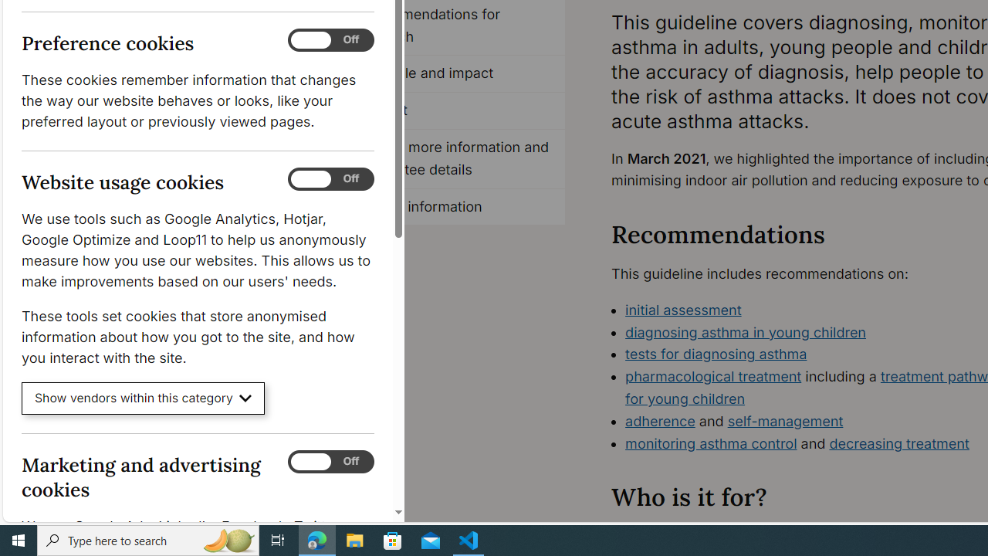 This screenshot has width=988, height=556. I want to click on 'self-management', so click(785, 421).